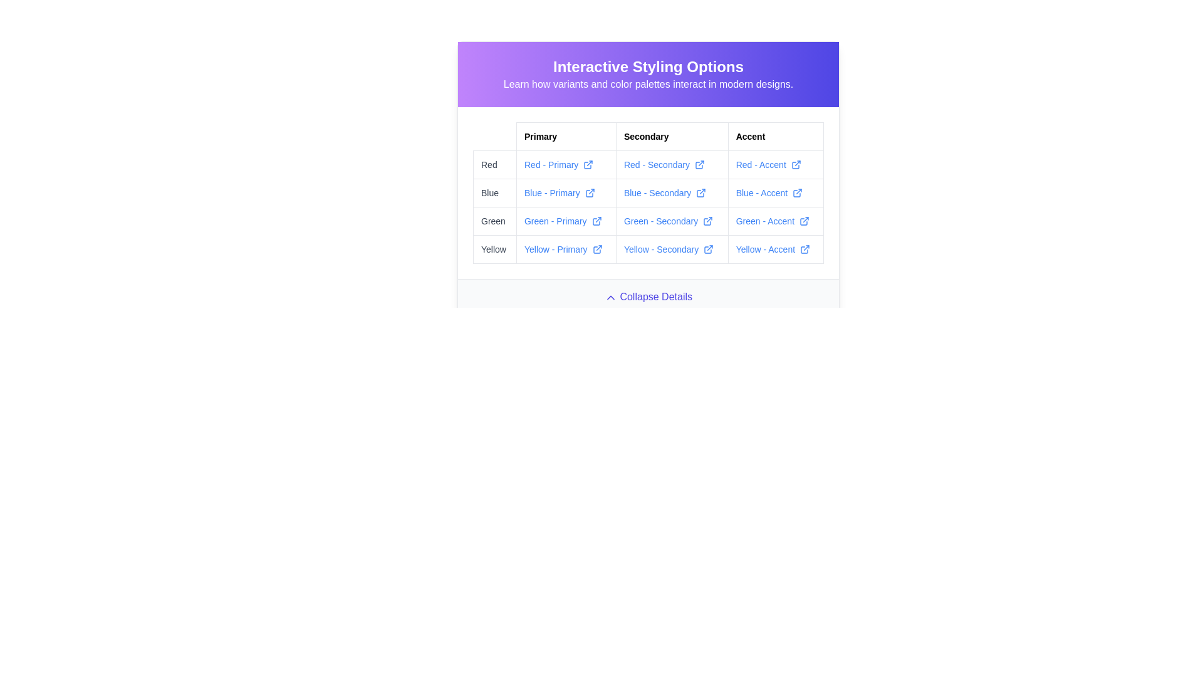 The height and width of the screenshot is (677, 1203). What do you see at coordinates (668, 249) in the screenshot?
I see `the hyperlink` at bounding box center [668, 249].